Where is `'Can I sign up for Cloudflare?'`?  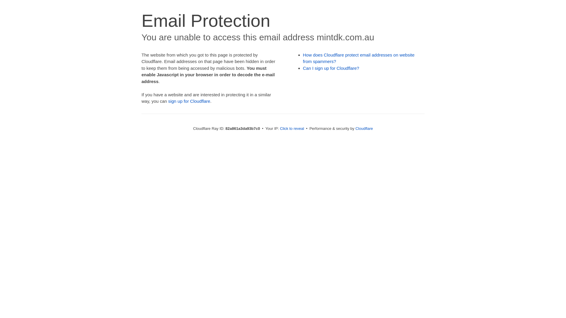 'Can I sign up for Cloudflare?' is located at coordinates (331, 68).